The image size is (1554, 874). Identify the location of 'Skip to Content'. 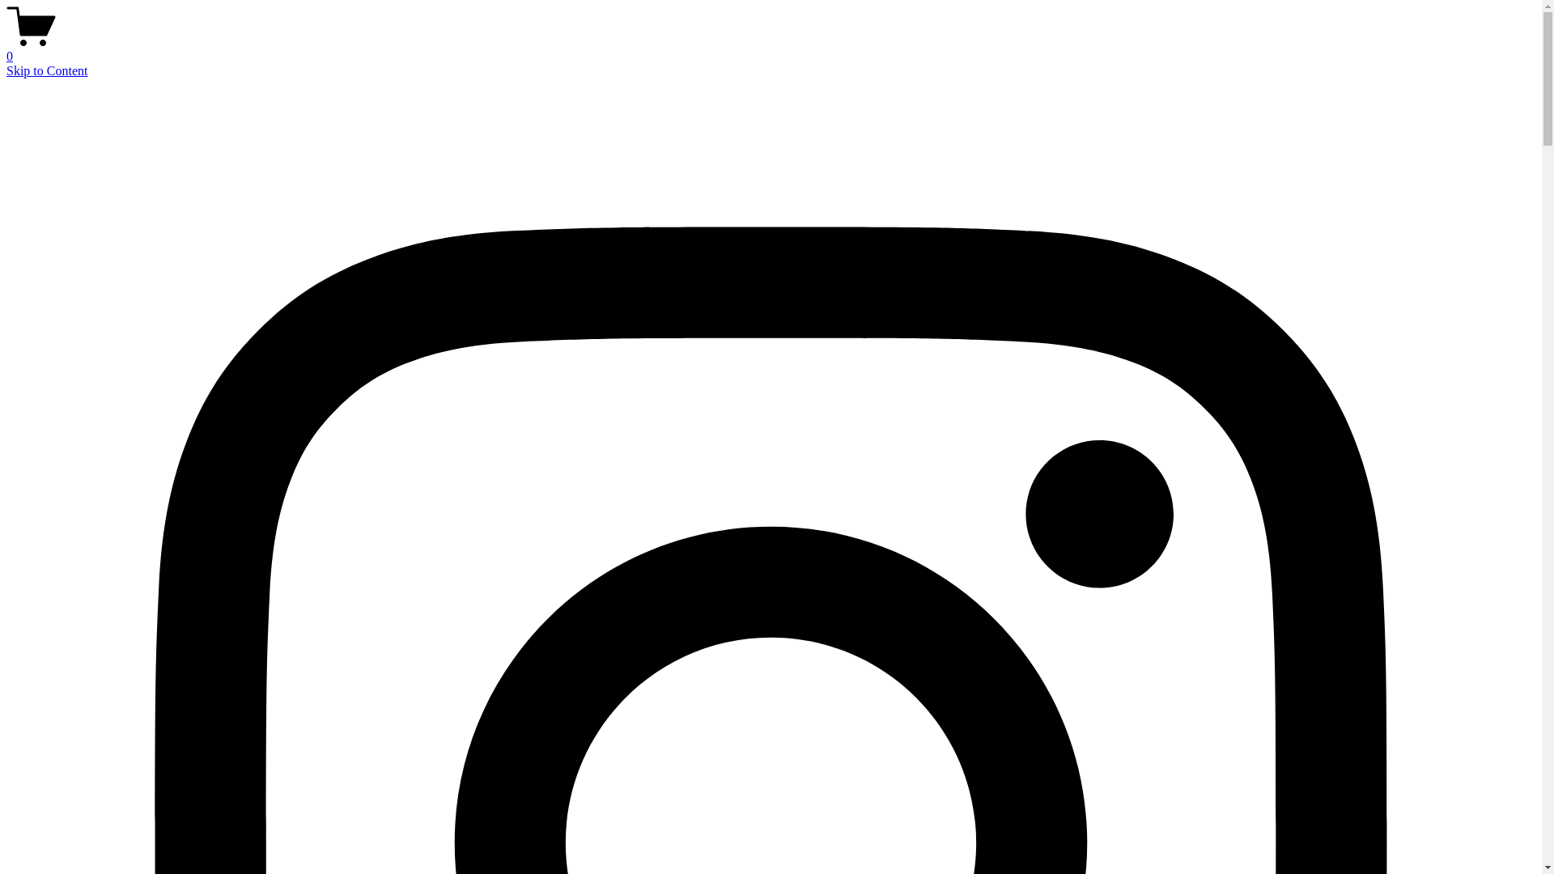
(46, 70).